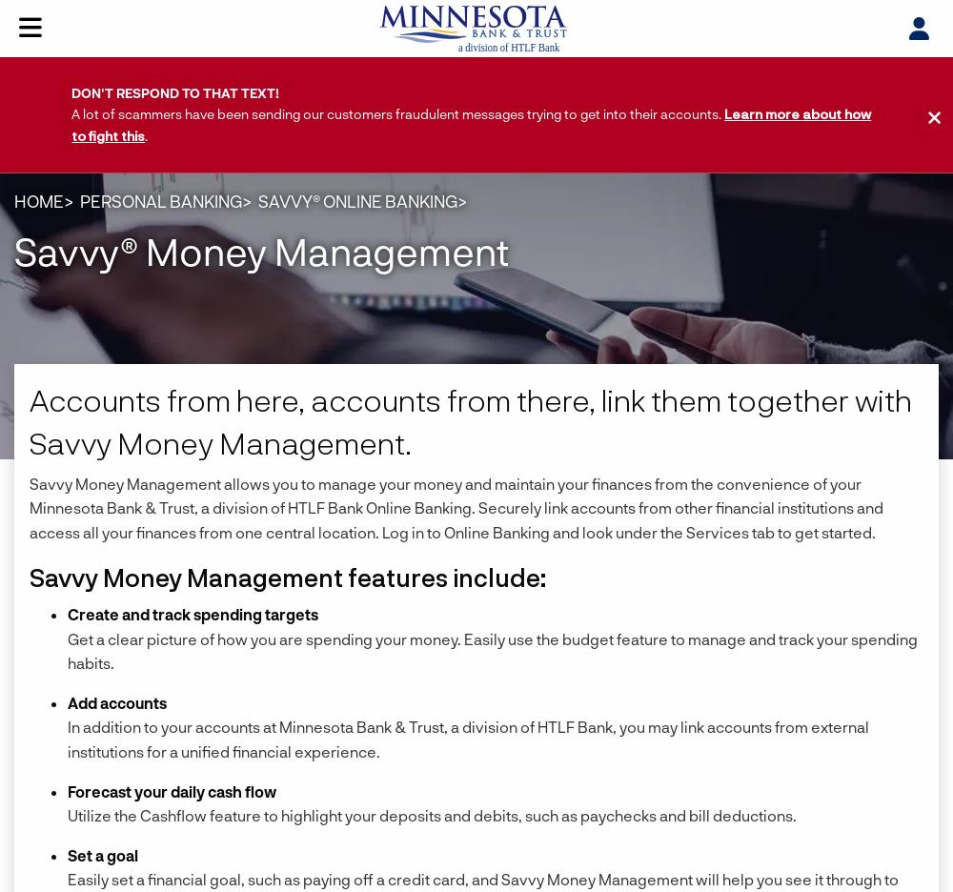 Image resolution: width=953 pixels, height=892 pixels. What do you see at coordinates (116, 700) in the screenshot?
I see `'Add accounts'` at bounding box center [116, 700].